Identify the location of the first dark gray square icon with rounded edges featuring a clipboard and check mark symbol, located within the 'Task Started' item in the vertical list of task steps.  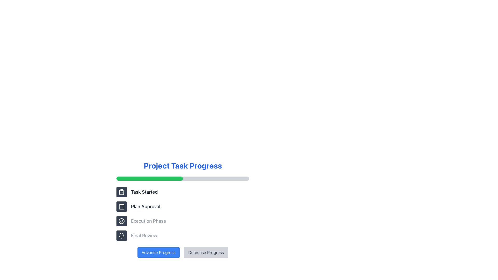
(121, 192).